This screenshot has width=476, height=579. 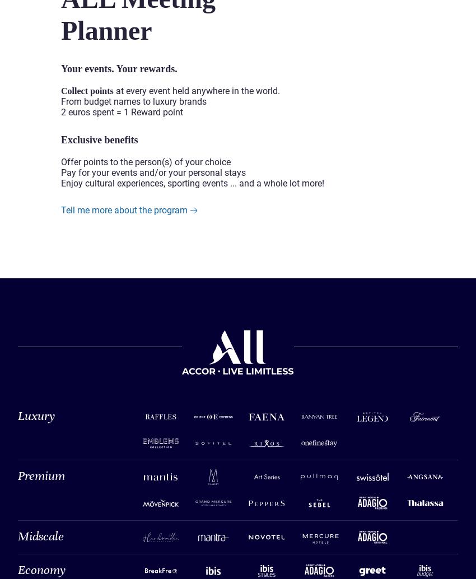 What do you see at coordinates (136, 101) in the screenshot?
I see `'From budget names to luxury brands'` at bounding box center [136, 101].